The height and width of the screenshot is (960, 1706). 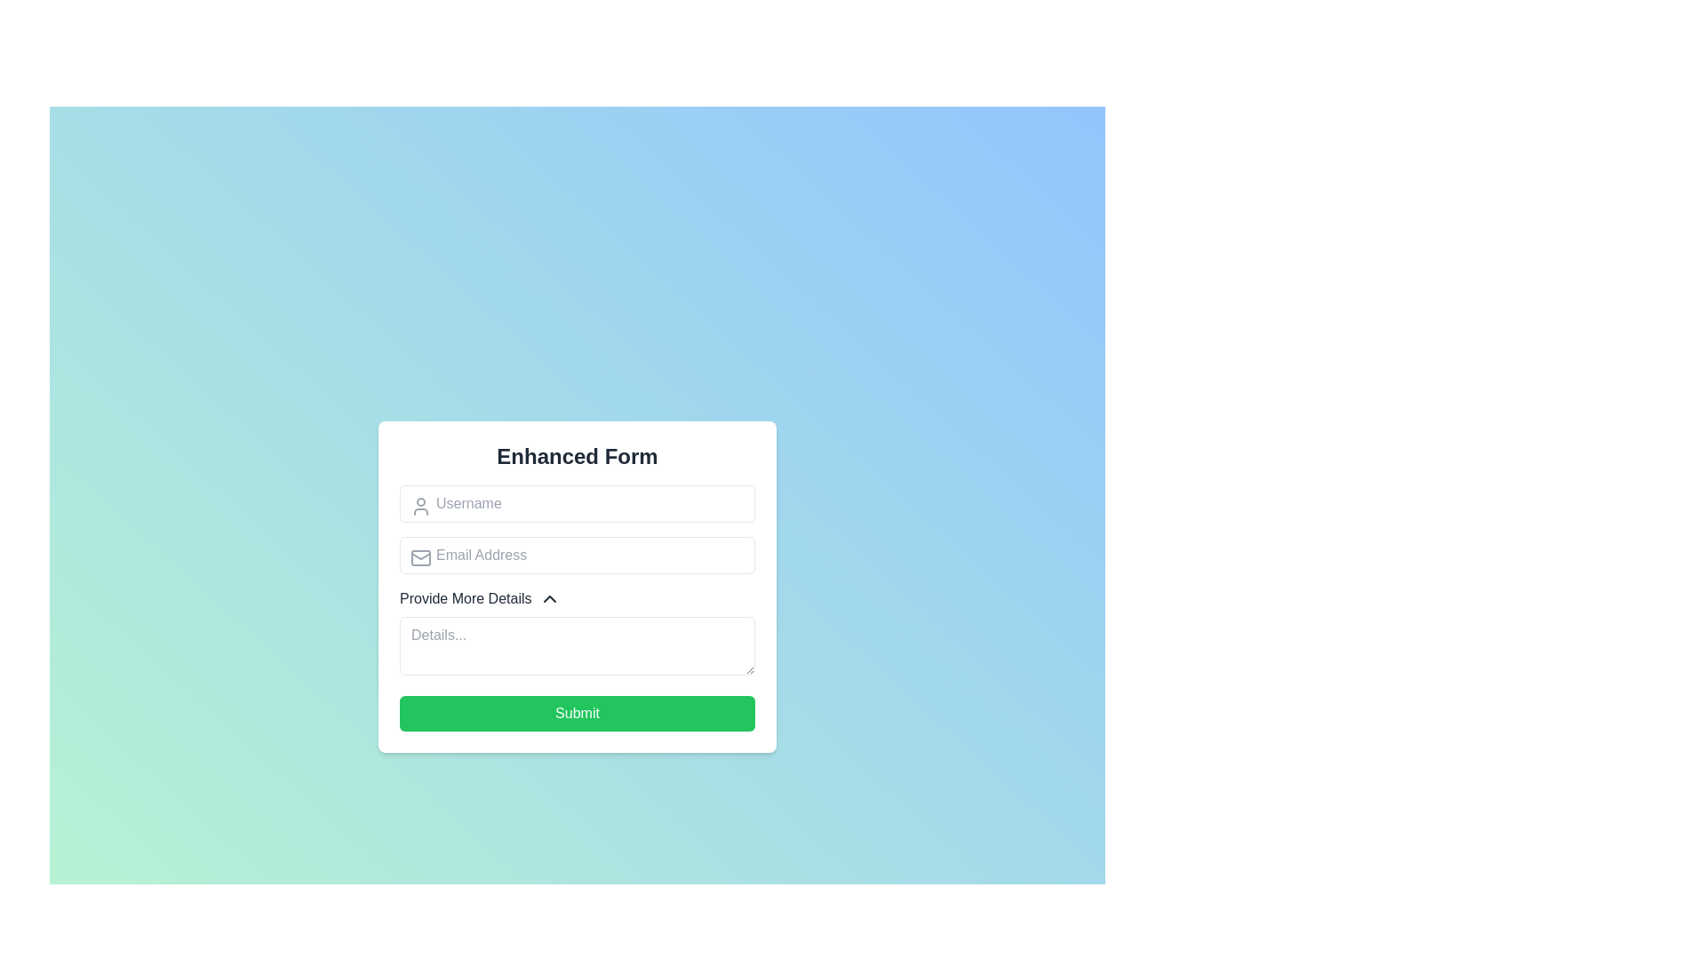 What do you see at coordinates (577, 712) in the screenshot?
I see `the 'Submit' button with a green background and white text` at bounding box center [577, 712].